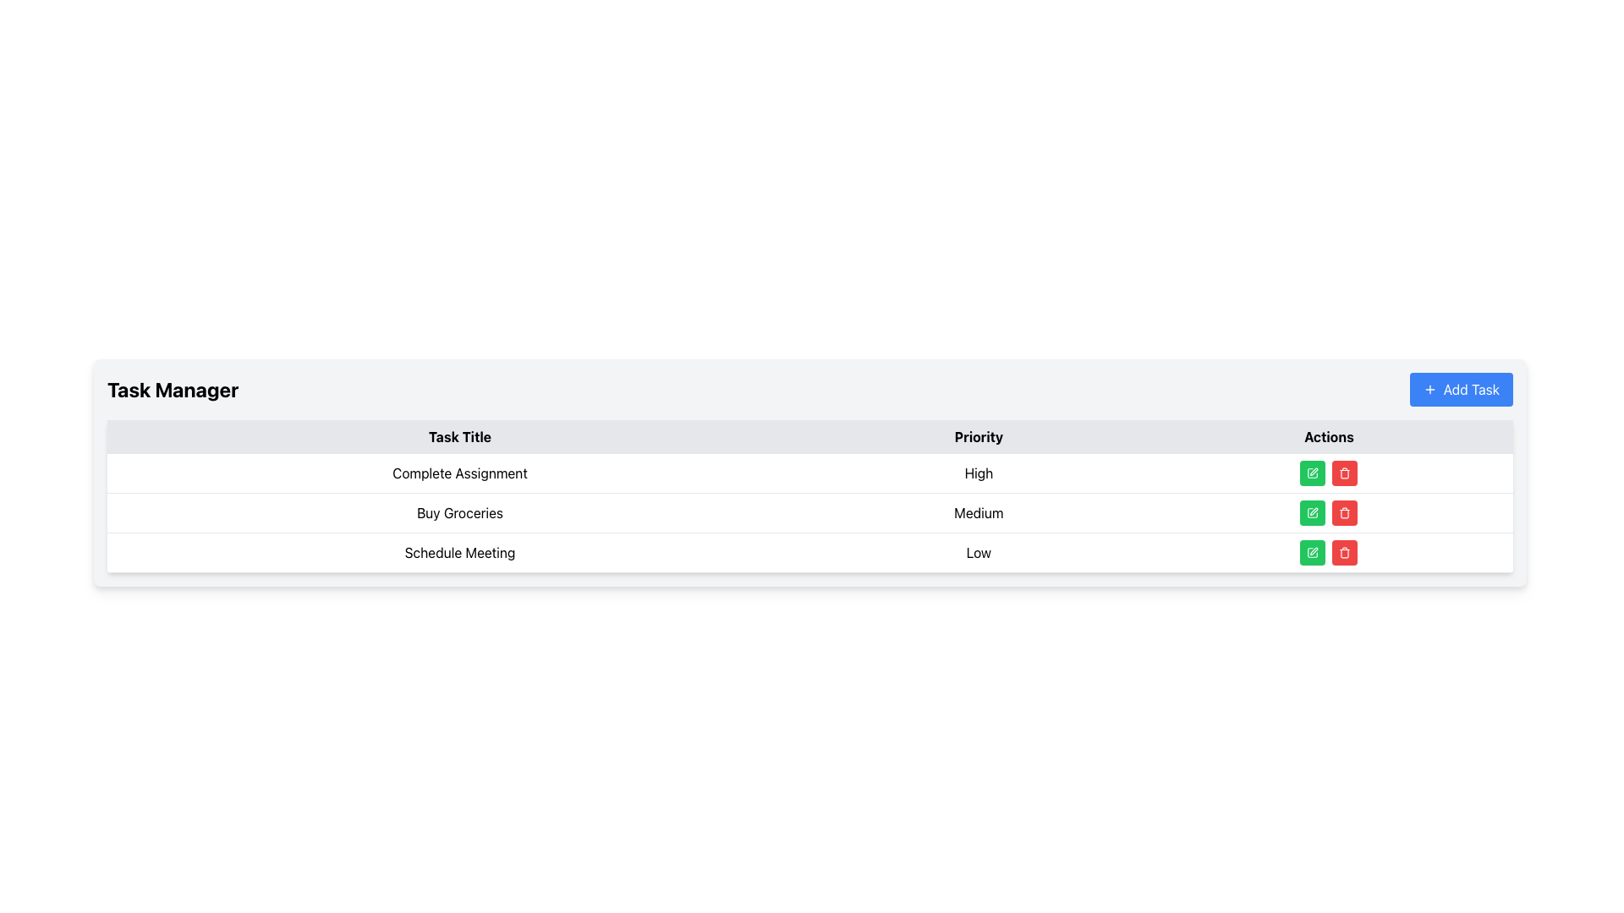 This screenshot has height=913, width=1624. What do you see at coordinates (1460, 390) in the screenshot?
I see `the button in the top-right corner of the task management system` at bounding box center [1460, 390].